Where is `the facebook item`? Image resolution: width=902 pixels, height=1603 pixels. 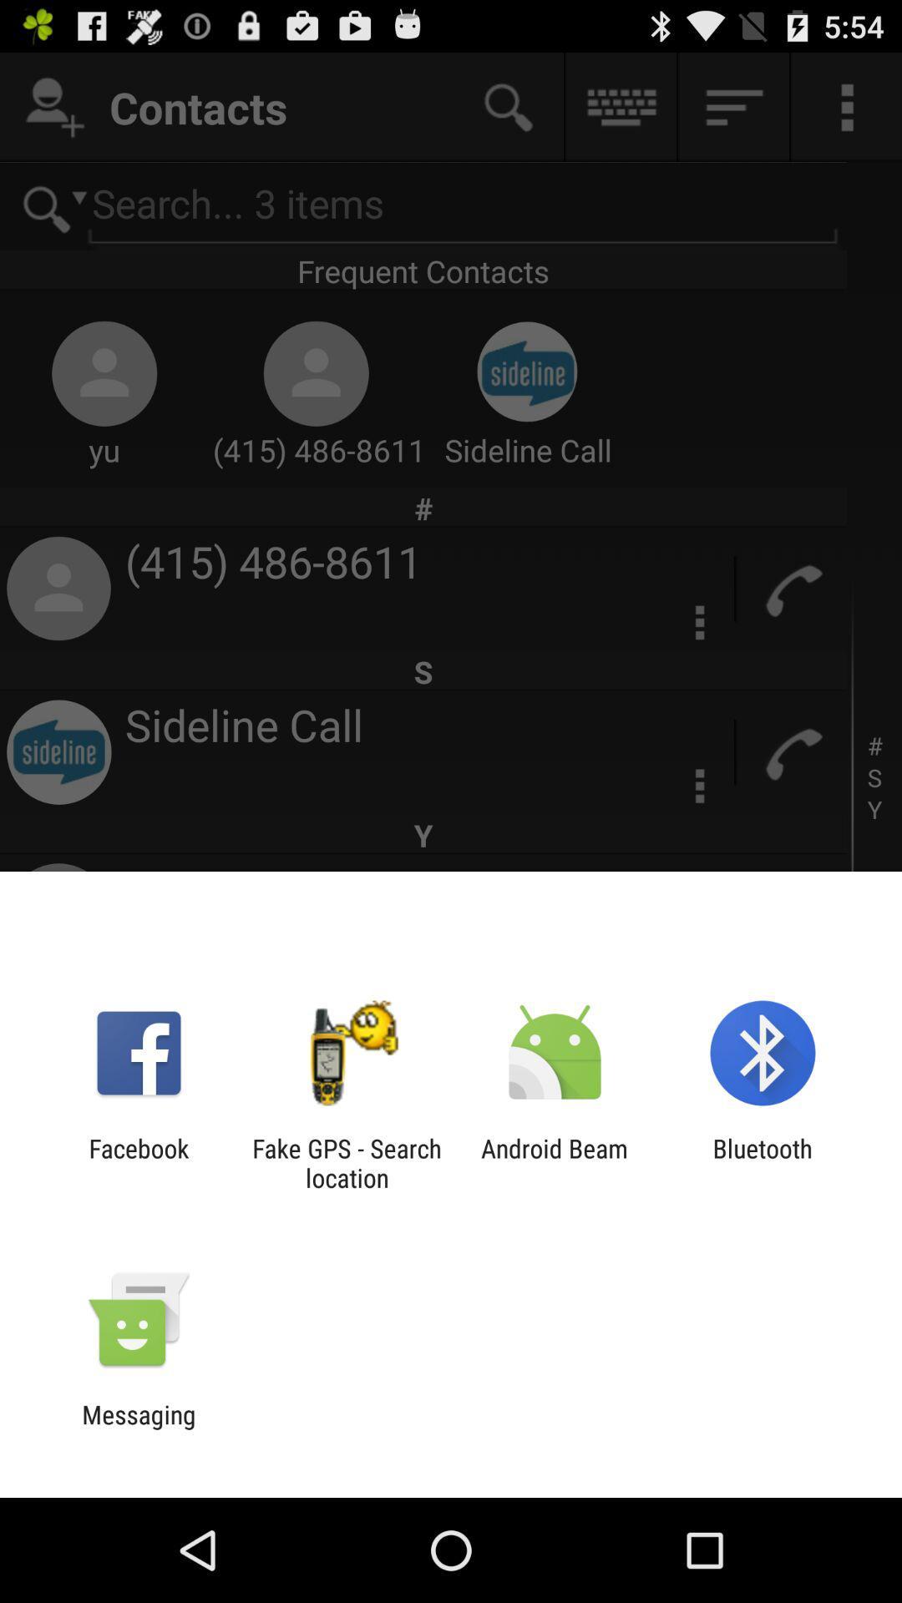
the facebook item is located at coordinates (138, 1162).